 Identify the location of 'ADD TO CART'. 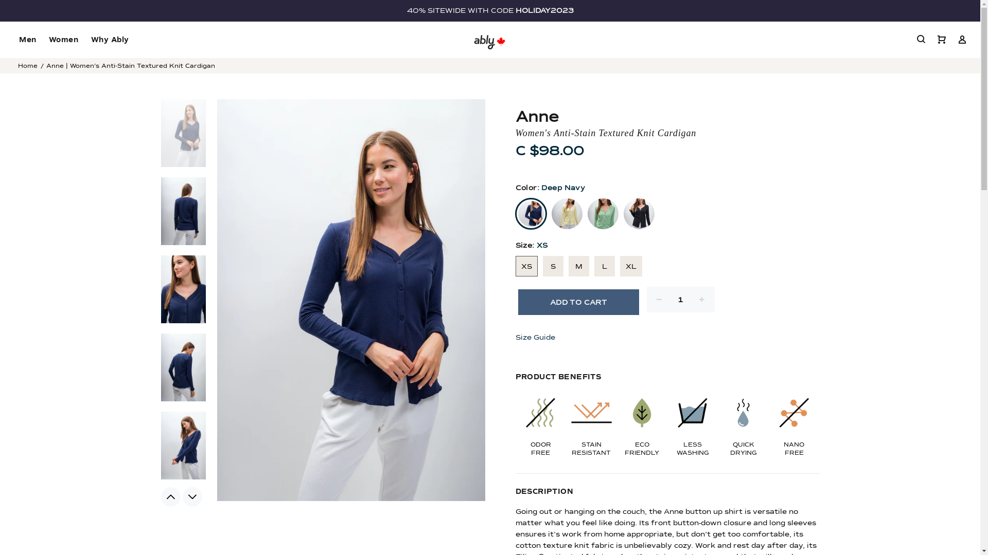
(578, 301).